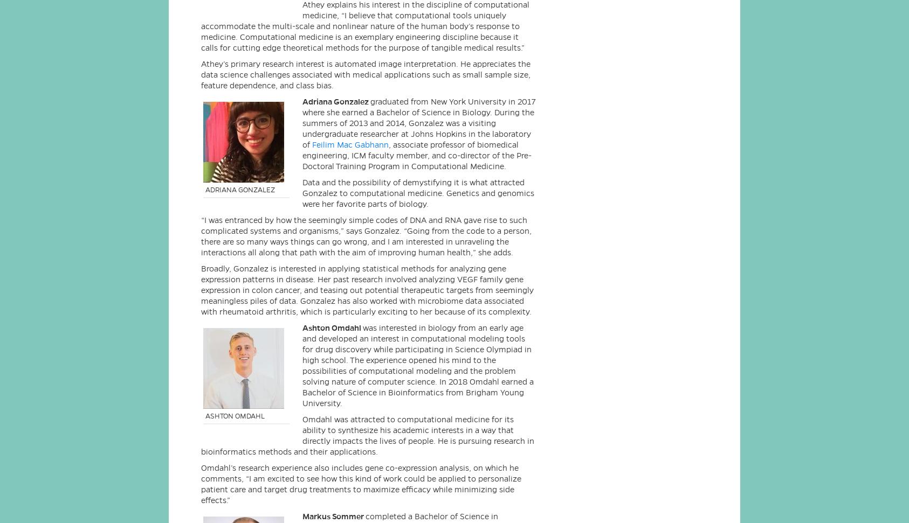 The image size is (909, 523). Describe the element at coordinates (366, 236) in the screenshot. I see `'“I was entranced by how the seemingly simple codes of DNA and RNA gave rise to such complicated systems and organisms,” says Gonzalez. “Going from the code to a person, there are so many ways things can go wrong, and I am interested in unraveling the interactions all along that path with the aim of improving human health,” she adds.'` at that location.